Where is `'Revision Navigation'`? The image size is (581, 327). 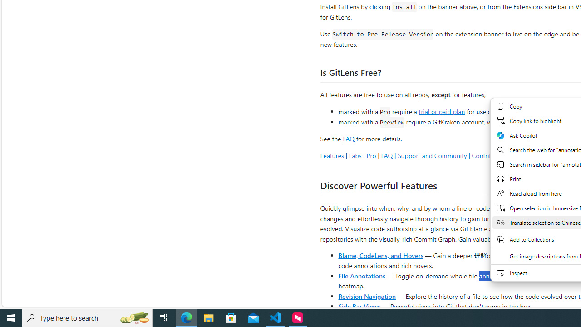 'Revision Navigation' is located at coordinates (367, 296).